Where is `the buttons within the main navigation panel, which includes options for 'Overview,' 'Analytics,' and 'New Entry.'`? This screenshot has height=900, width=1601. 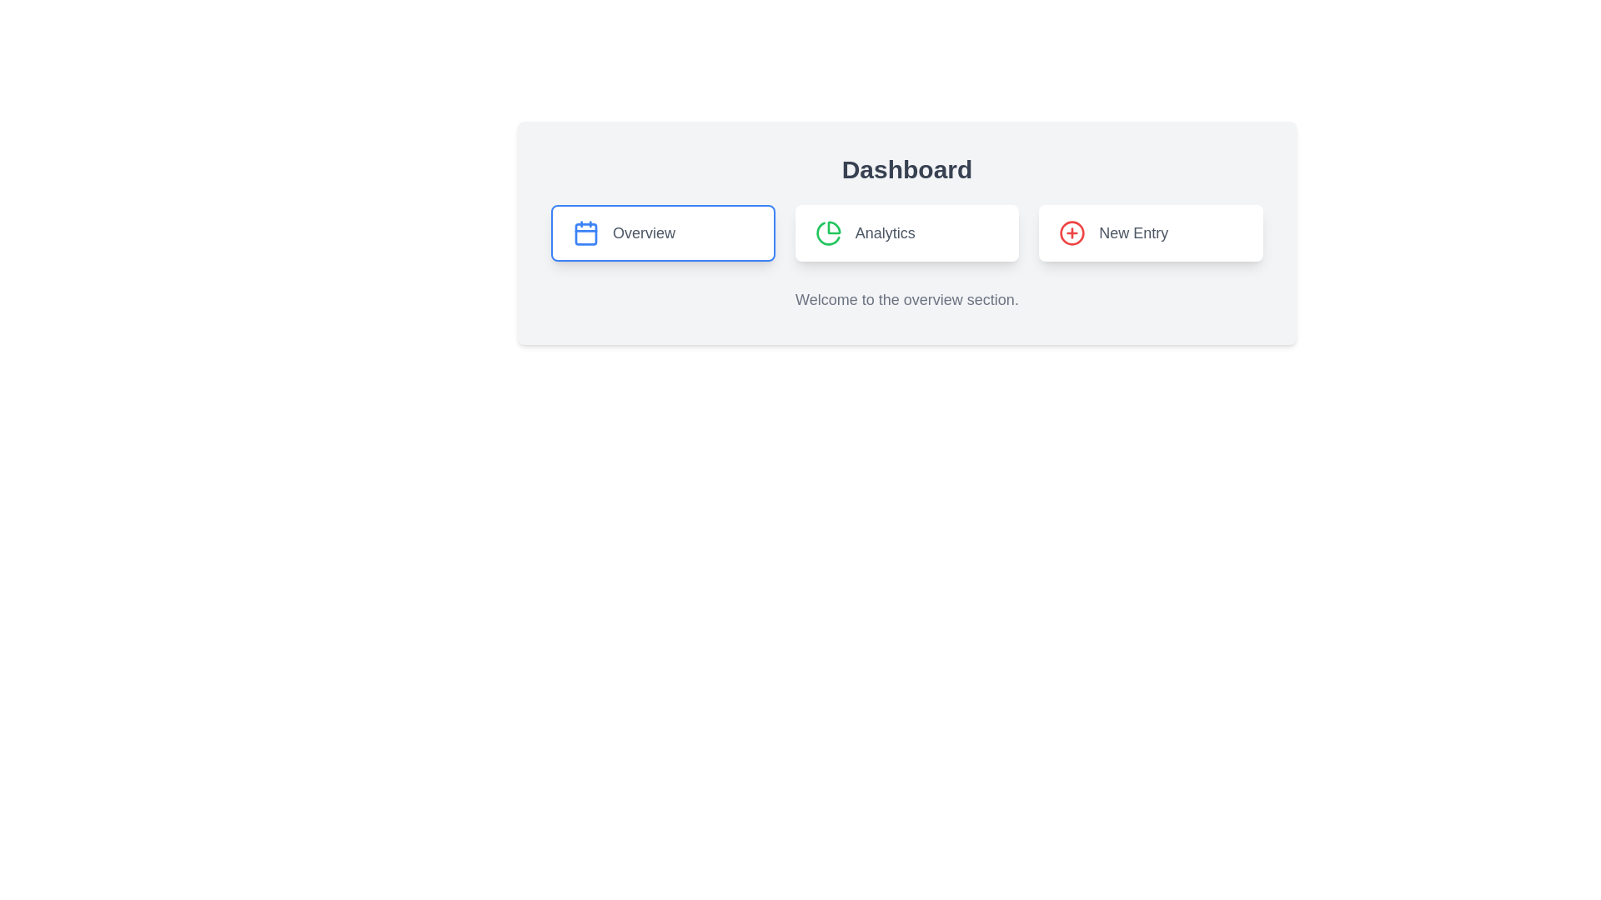 the buttons within the main navigation panel, which includes options for 'Overview,' 'Analytics,' and 'New Entry.' is located at coordinates (906, 233).